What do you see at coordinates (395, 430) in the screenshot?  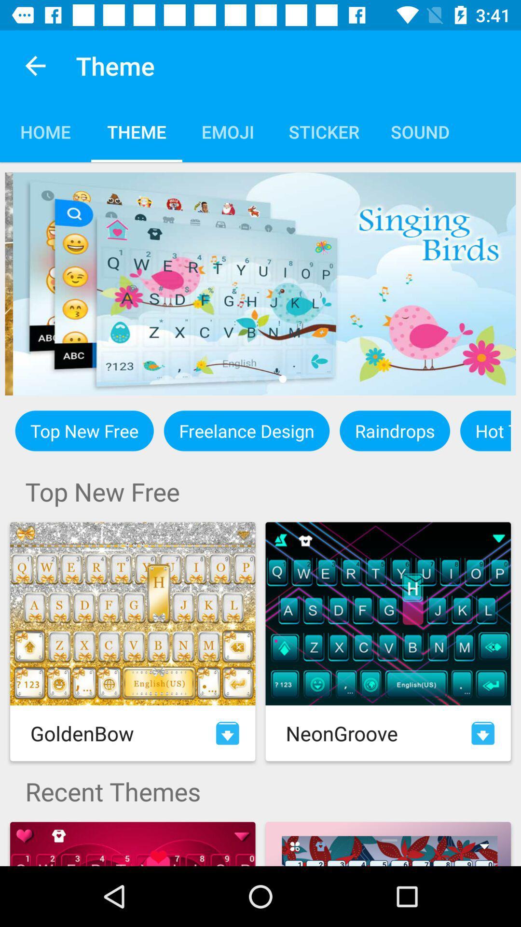 I see `the icon to the left of the hot themes icon` at bounding box center [395, 430].